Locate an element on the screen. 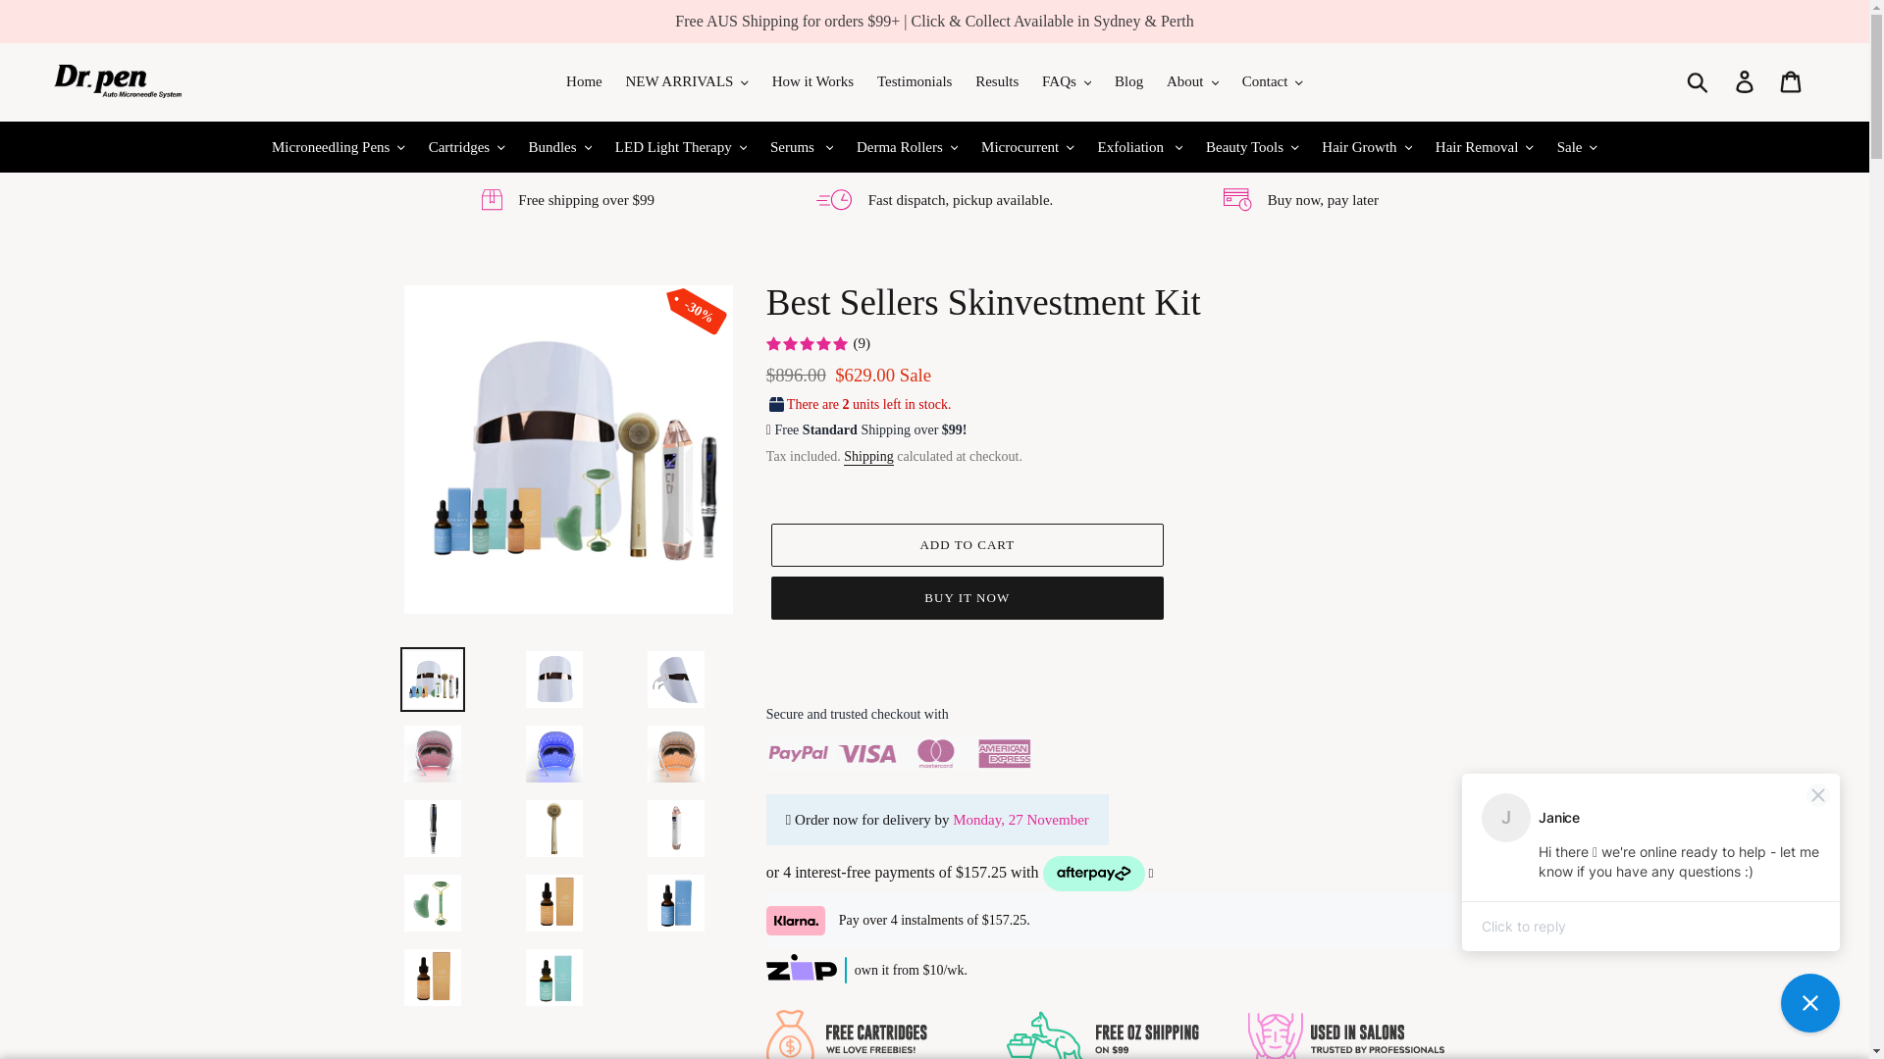 This screenshot has height=1059, width=1884. ' (9)' is located at coordinates (818, 343).